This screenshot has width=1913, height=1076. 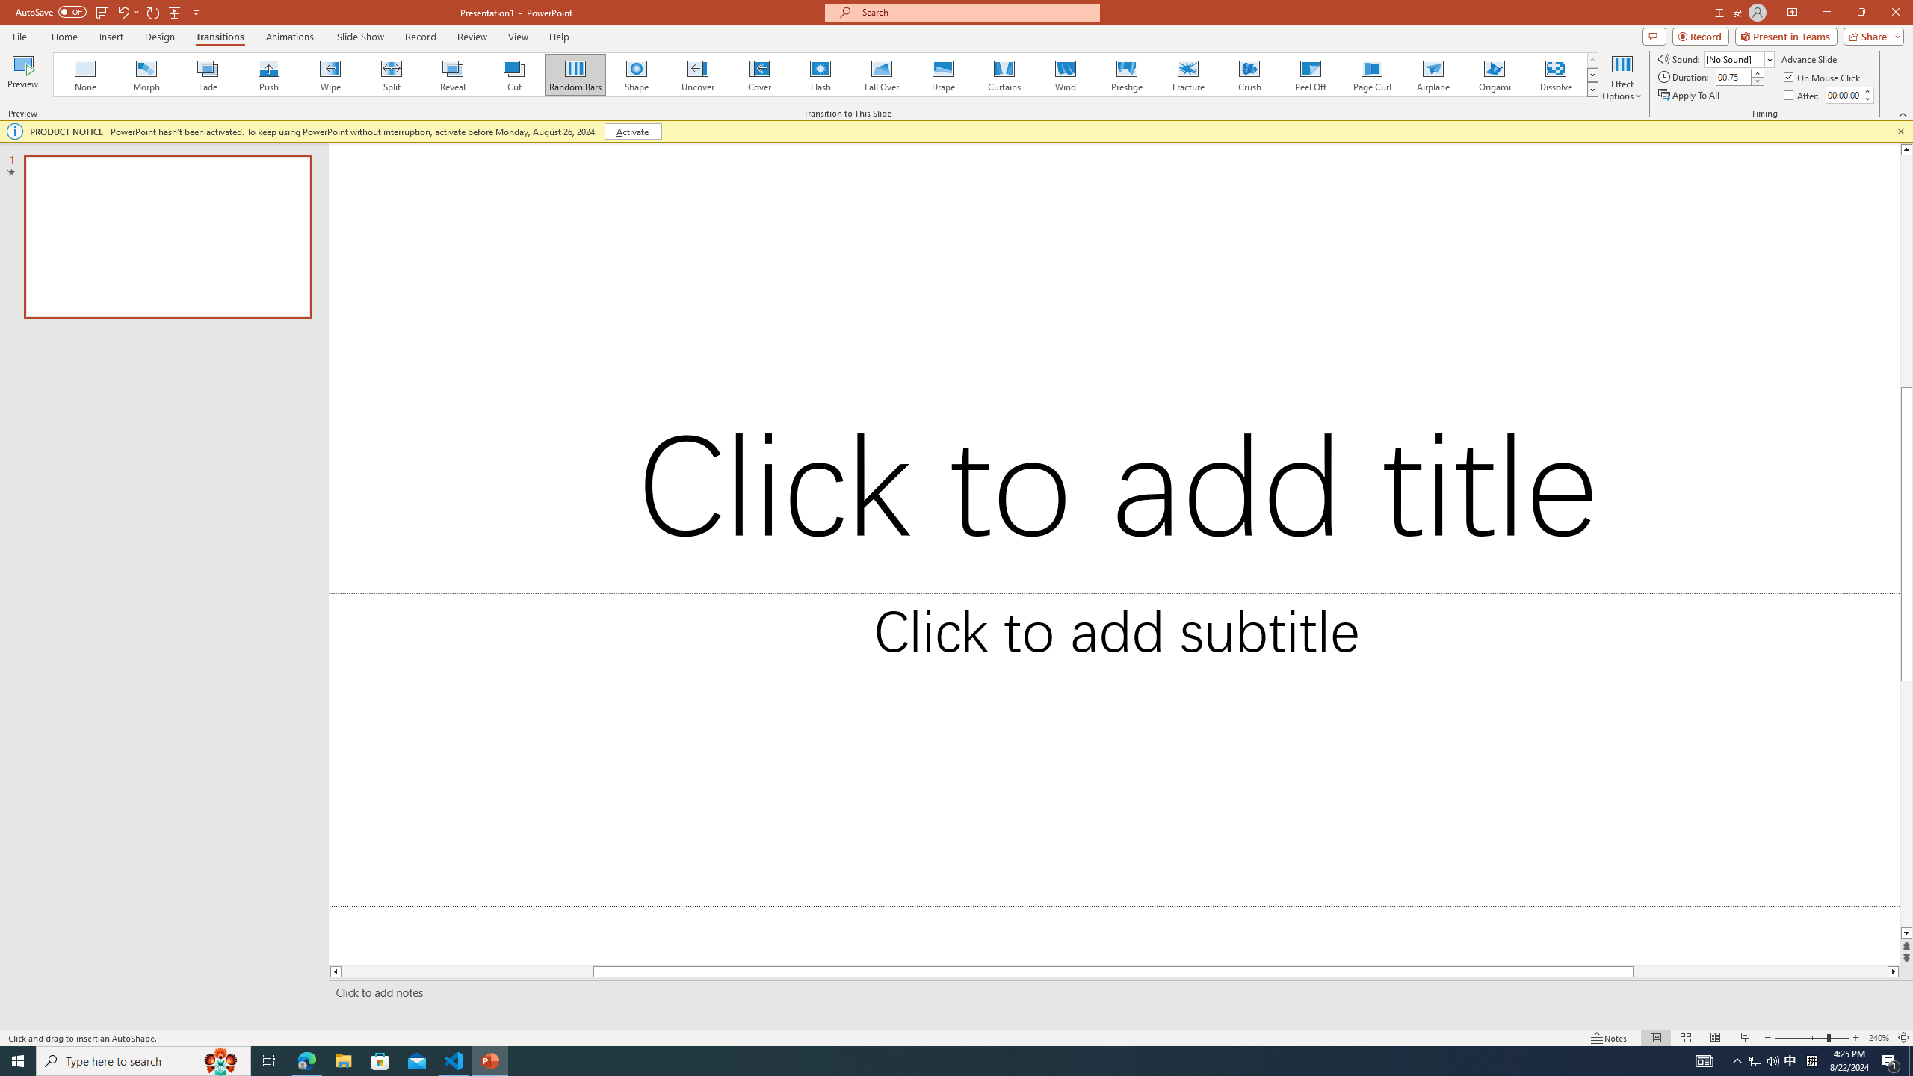 What do you see at coordinates (1900, 131) in the screenshot?
I see `'Close this message'` at bounding box center [1900, 131].